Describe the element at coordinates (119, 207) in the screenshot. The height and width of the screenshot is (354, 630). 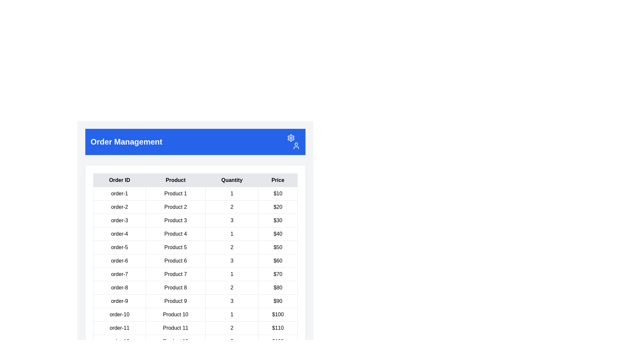
I see `text content of the Text label that signifies the unique identifier for an order, located in the leftmost column of a table row` at that location.